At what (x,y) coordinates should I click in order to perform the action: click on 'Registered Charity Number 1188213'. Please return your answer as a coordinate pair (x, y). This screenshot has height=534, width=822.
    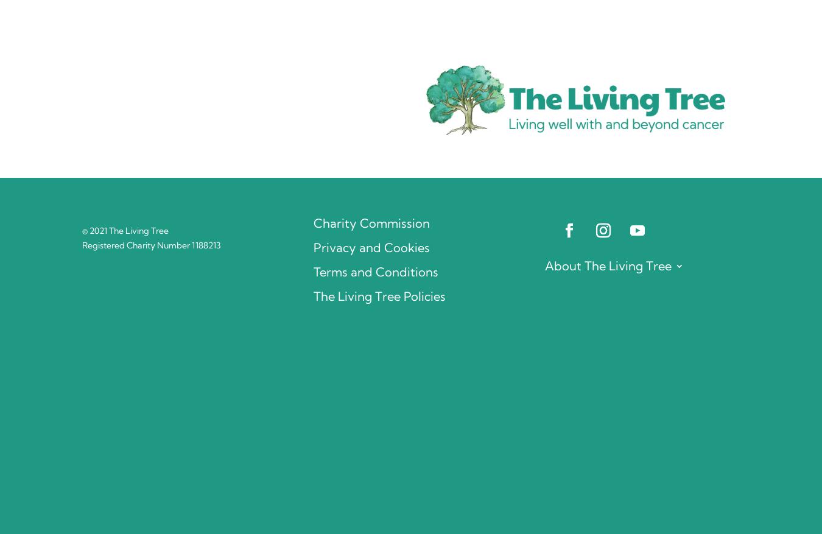
    Looking at the image, I should click on (150, 244).